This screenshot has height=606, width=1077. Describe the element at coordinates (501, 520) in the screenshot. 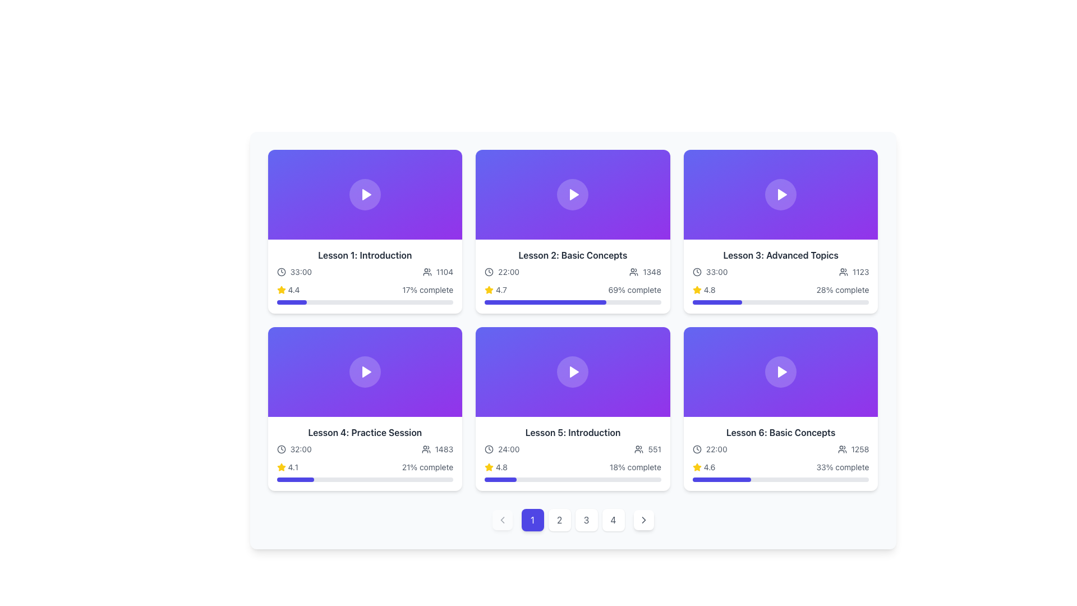

I see `the leftmost icon (Chevron Left) in the navigation bar at the bottom of the interface` at that location.